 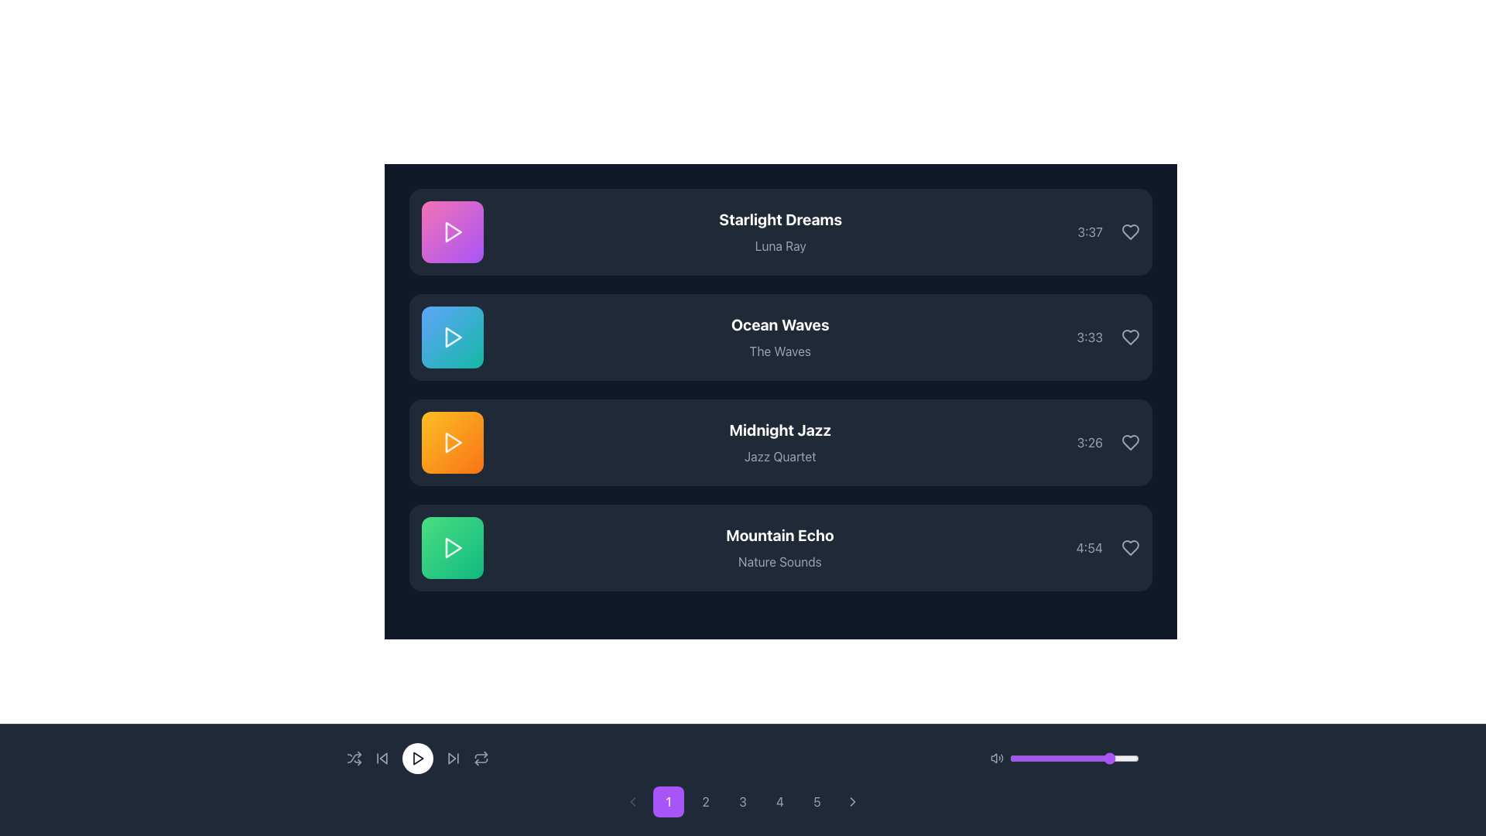 I want to click on the third button of the pagination control at the bottom of the interface for keyboard navigation, so click(x=743, y=801).